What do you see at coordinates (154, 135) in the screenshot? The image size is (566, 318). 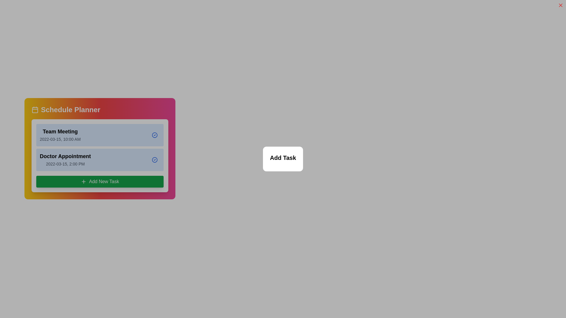 I see `the circular icon with a checkmark inside, which has a blue stroke and is positioned at the top-right of the 'Team Meeting' task card in the 'Schedule Planner' interface` at bounding box center [154, 135].